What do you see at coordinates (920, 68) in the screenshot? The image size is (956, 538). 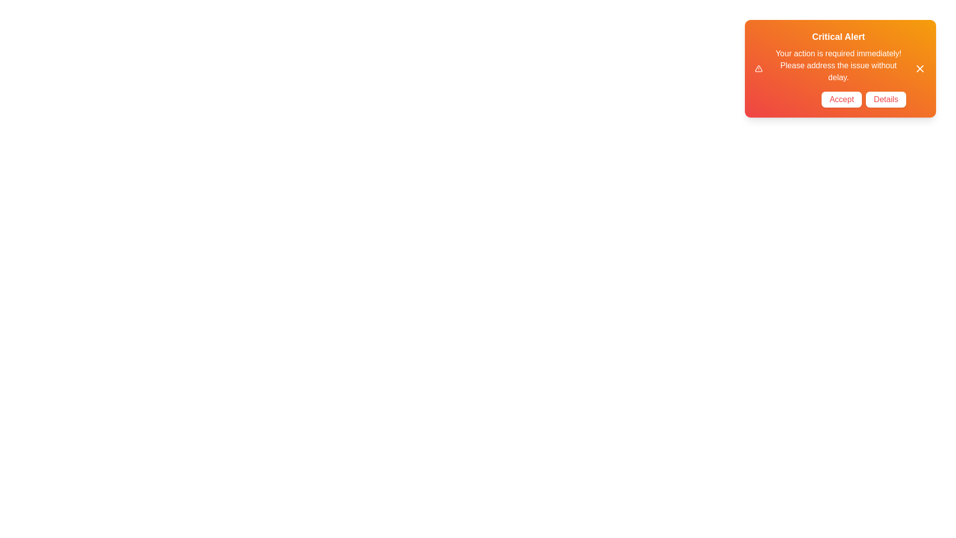 I see `the 'X' icon to observe hover effects` at bounding box center [920, 68].